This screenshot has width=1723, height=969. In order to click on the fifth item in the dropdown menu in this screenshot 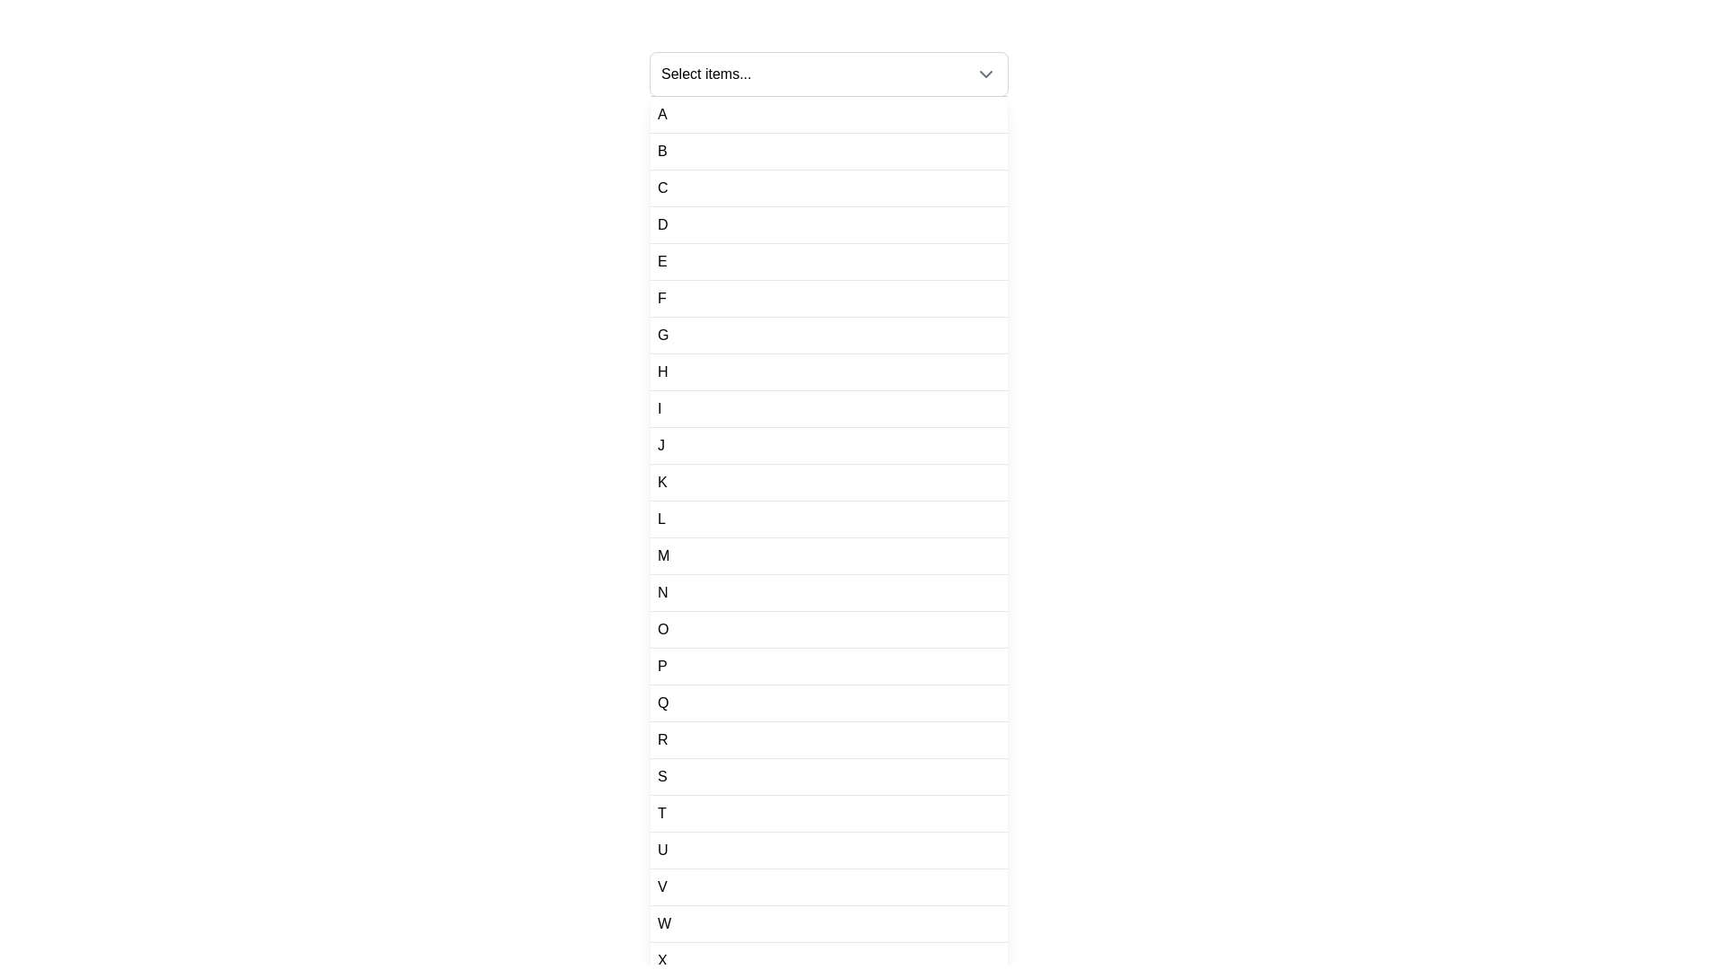, I will do `click(661, 262)`.